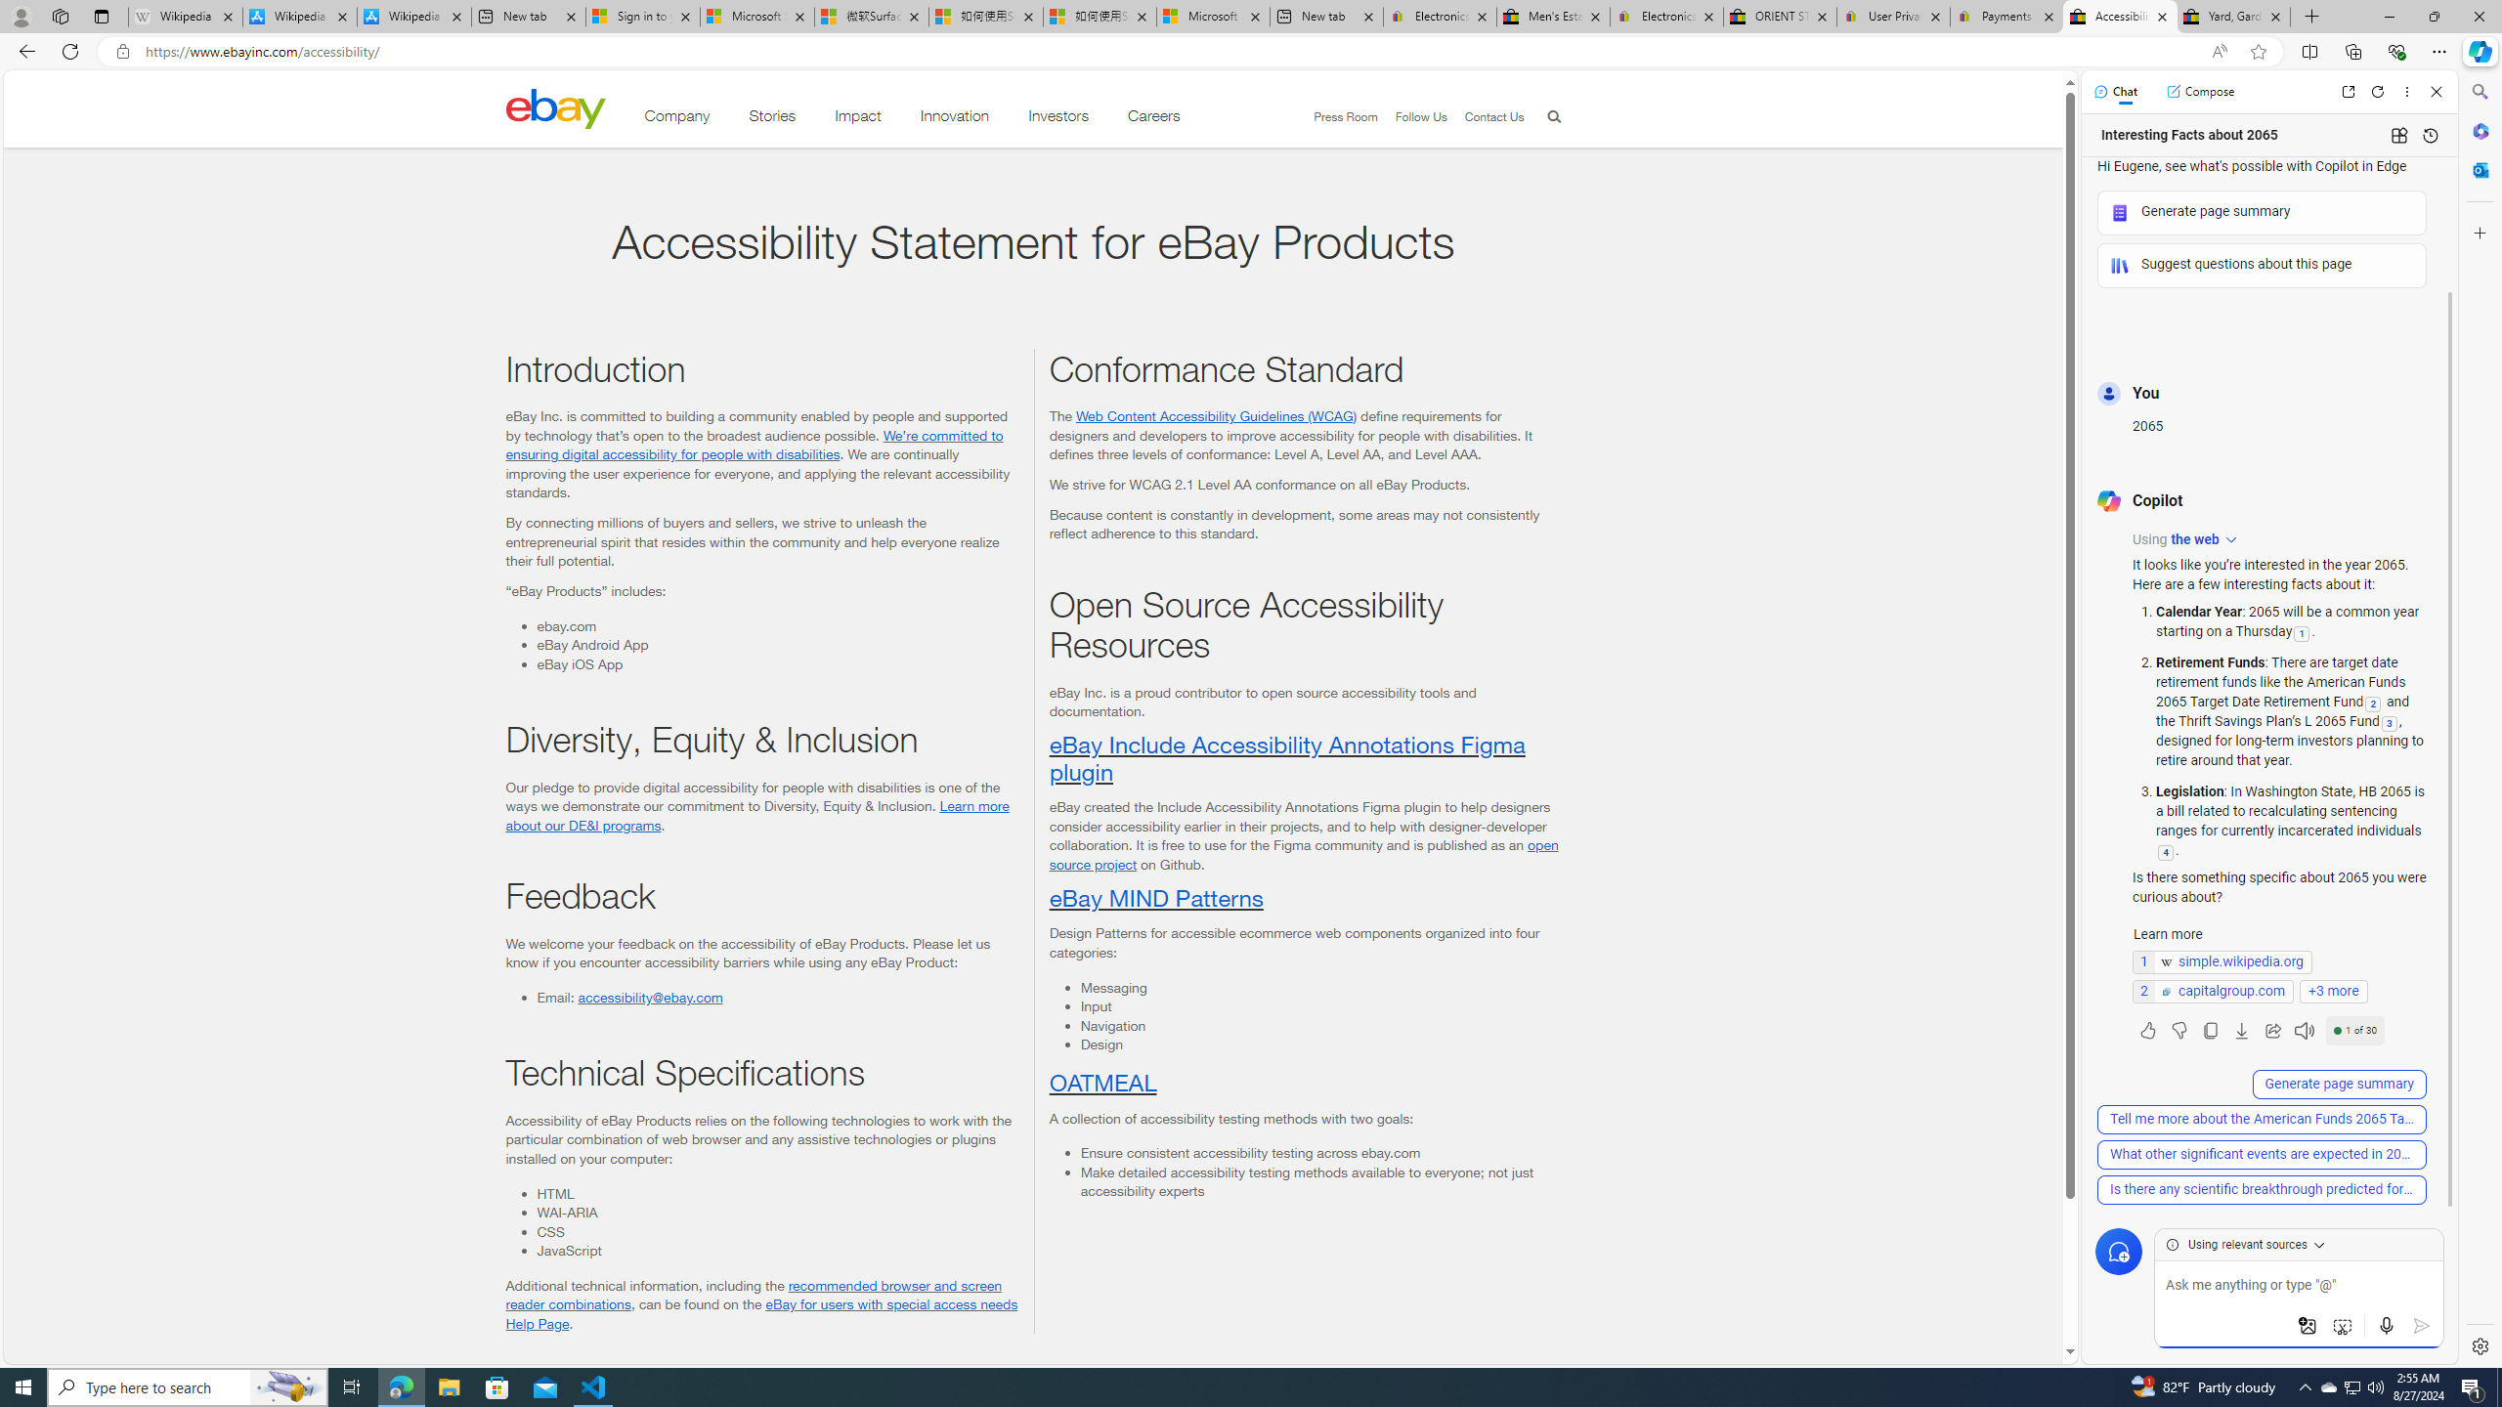  Describe the element at coordinates (676, 119) in the screenshot. I see `'Company'` at that location.